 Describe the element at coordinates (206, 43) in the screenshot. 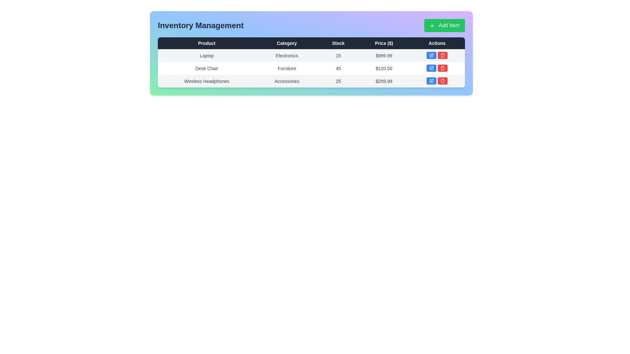

I see `the Table Header element labeled 'Product', which is styled in bold and located in the top-left section of the table` at that location.